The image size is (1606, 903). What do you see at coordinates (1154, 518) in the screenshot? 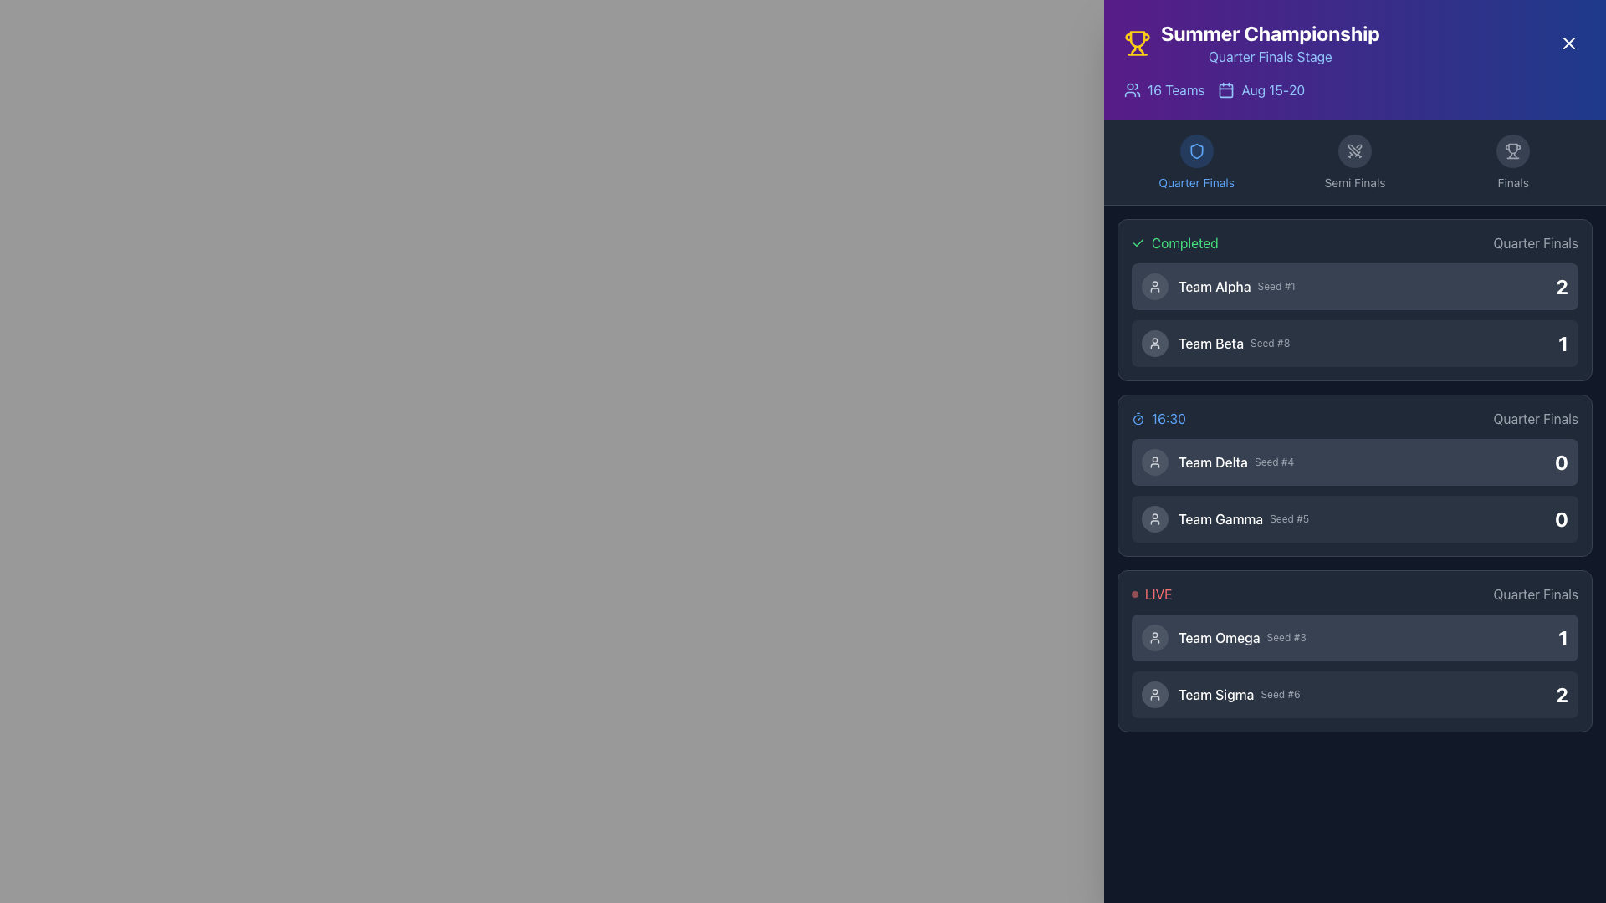
I see `the circular gray icon with a white user silhouette, which is positioned to the left of the text 'Team GammaSeed #5'` at bounding box center [1154, 518].